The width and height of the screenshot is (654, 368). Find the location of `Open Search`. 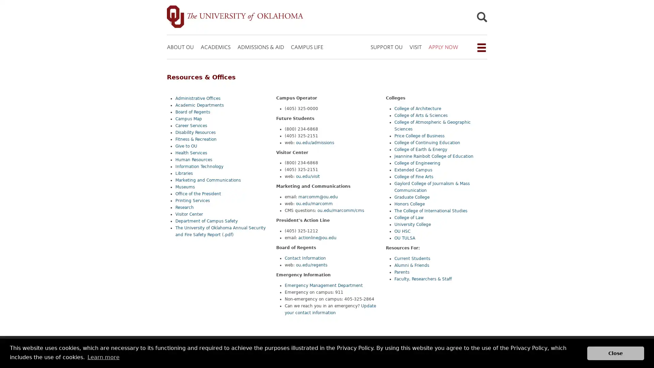

Open Search is located at coordinates (481, 18).